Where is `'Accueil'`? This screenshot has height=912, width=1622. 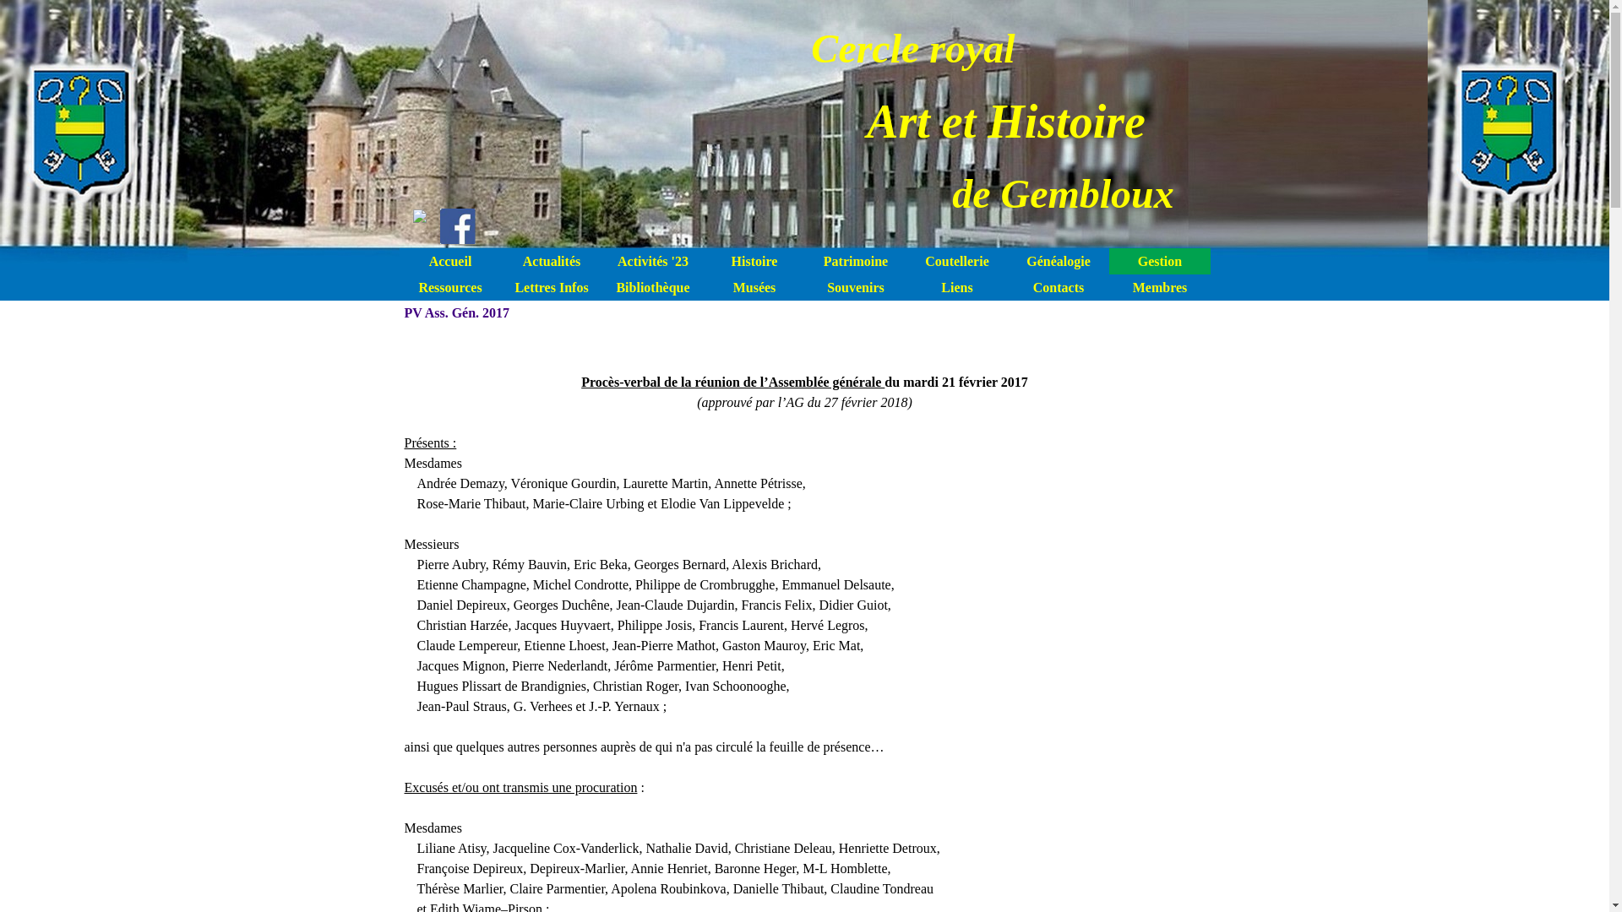 'Accueil' is located at coordinates (400, 261).